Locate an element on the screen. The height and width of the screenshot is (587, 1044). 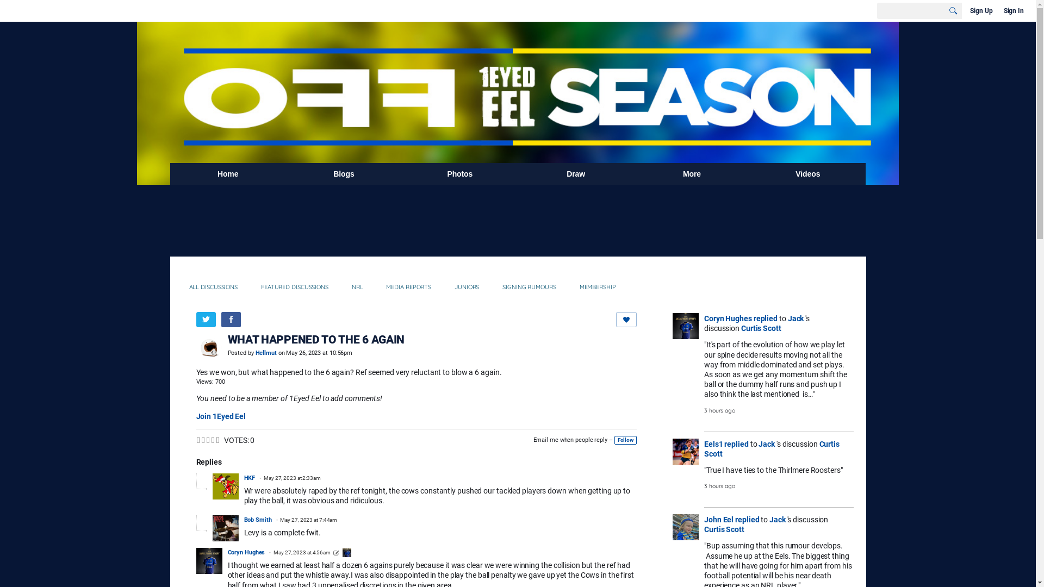
'Twitter' is located at coordinates (196, 319).